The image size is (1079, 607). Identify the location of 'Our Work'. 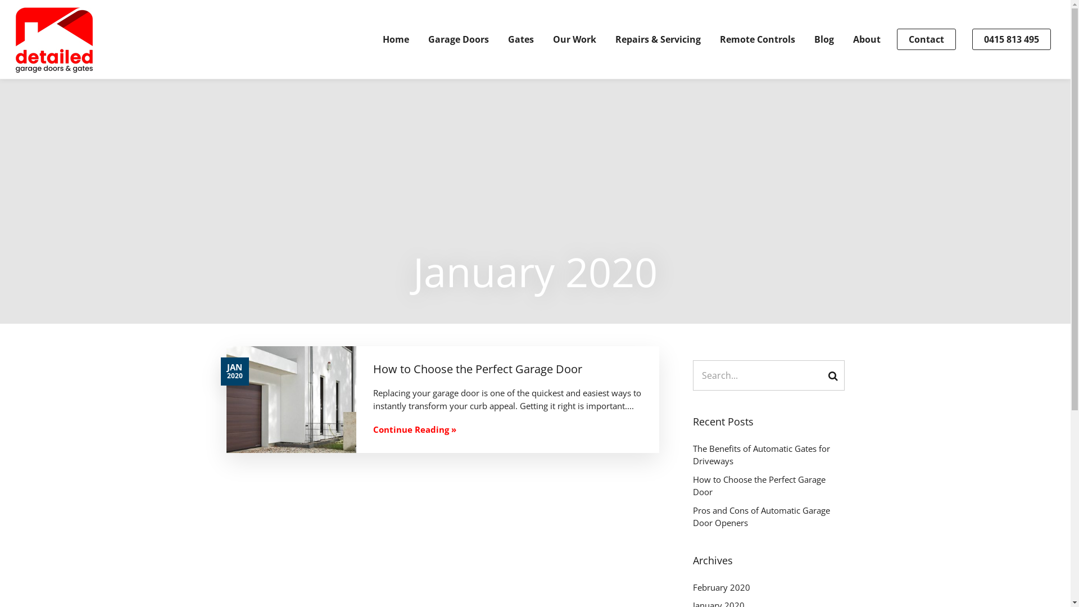
(574, 38).